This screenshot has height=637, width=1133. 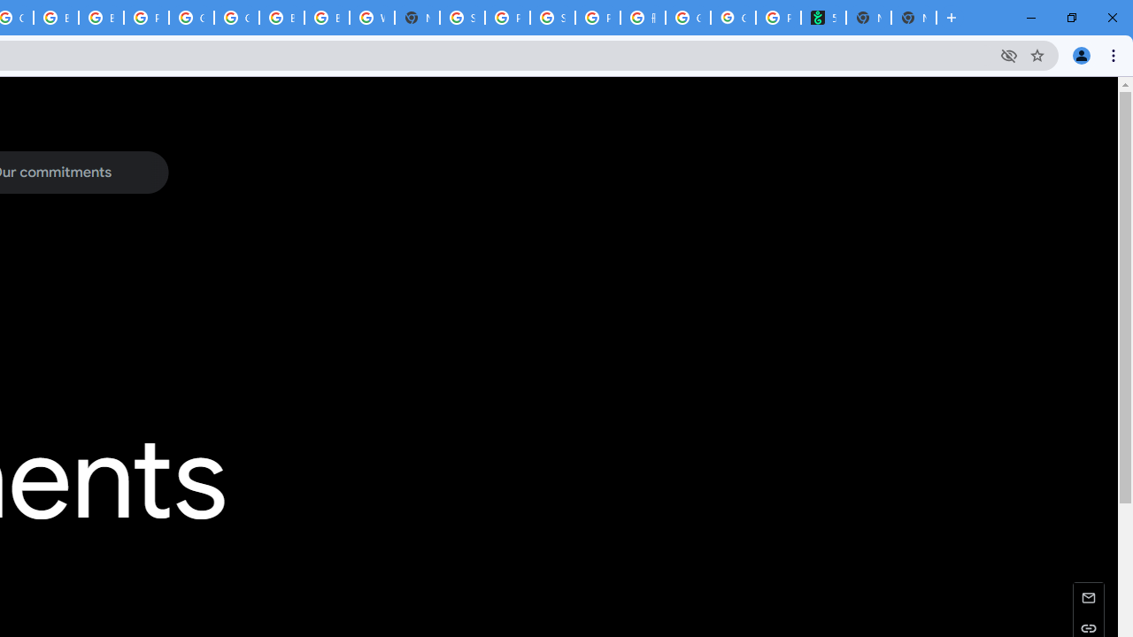 I want to click on 'Browse Chrome as a guest - Computer - Google Chrome Help', so click(x=327, y=18).